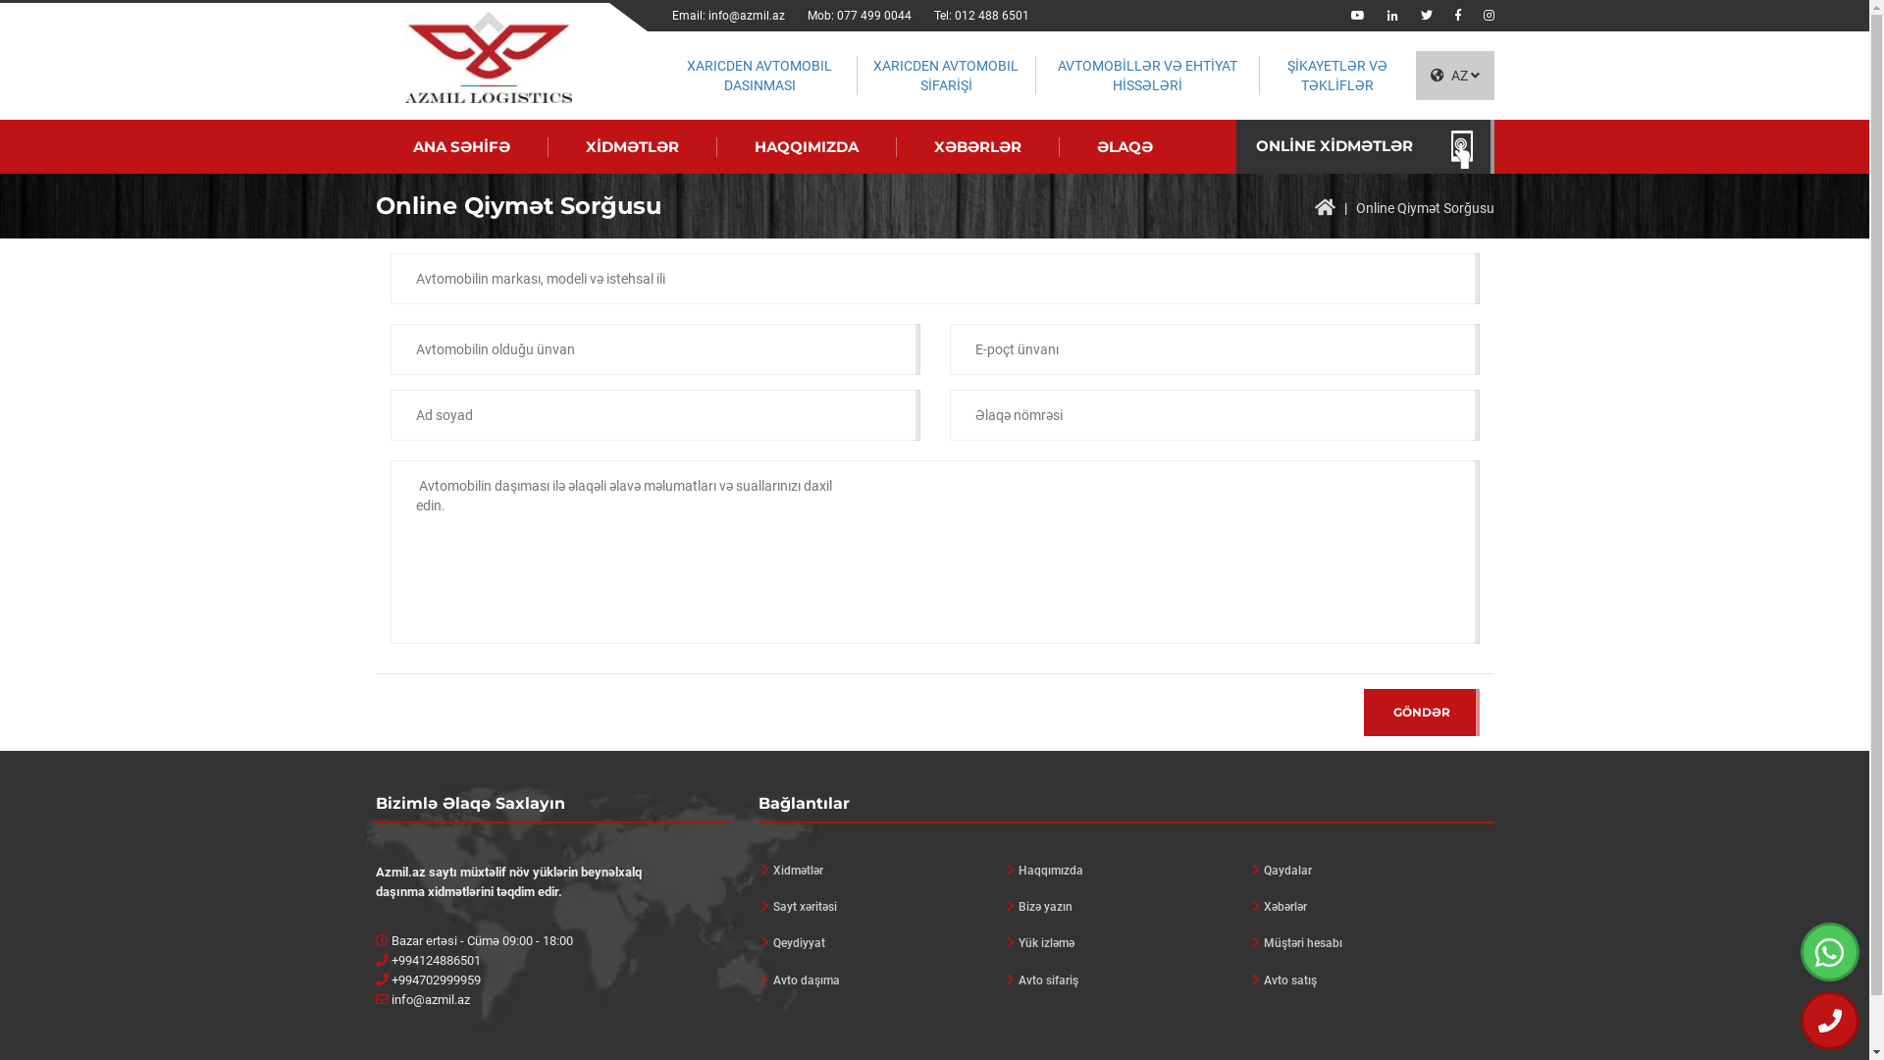 Image resolution: width=1884 pixels, height=1060 pixels. I want to click on 'HAQQIMIZDA', so click(806, 146).